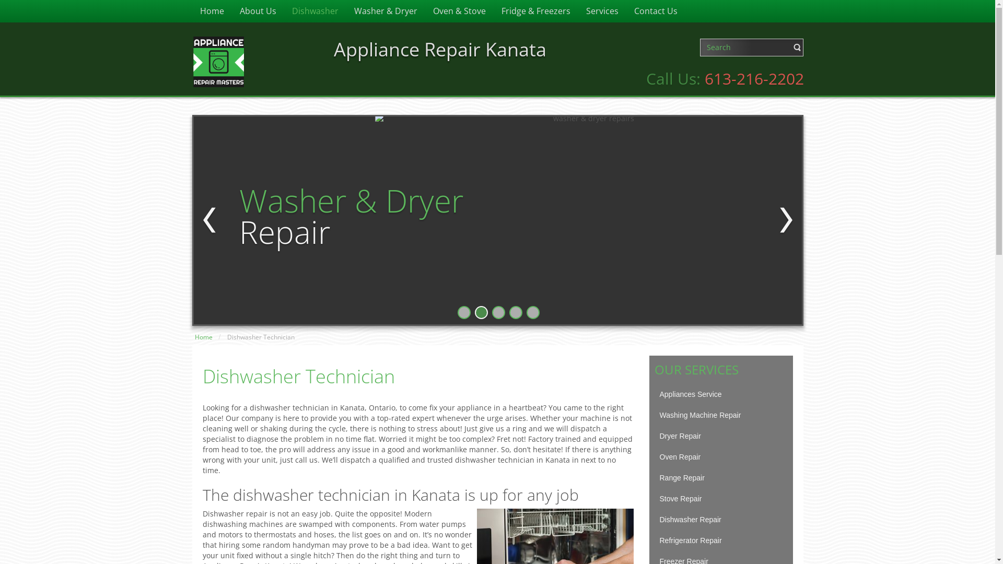  Describe the element at coordinates (258, 11) in the screenshot. I see `'About Us'` at that location.